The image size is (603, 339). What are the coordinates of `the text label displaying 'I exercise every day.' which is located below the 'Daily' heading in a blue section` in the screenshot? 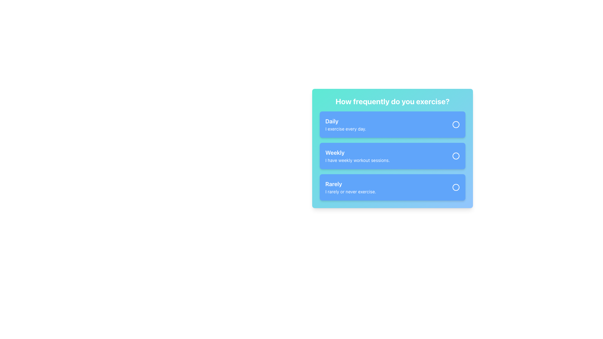 It's located at (345, 129).